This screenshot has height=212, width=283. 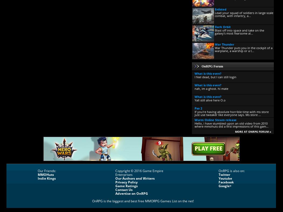 What do you see at coordinates (194, 134) in the screenshot?
I see `'Star Wars: Combine'` at bounding box center [194, 134].